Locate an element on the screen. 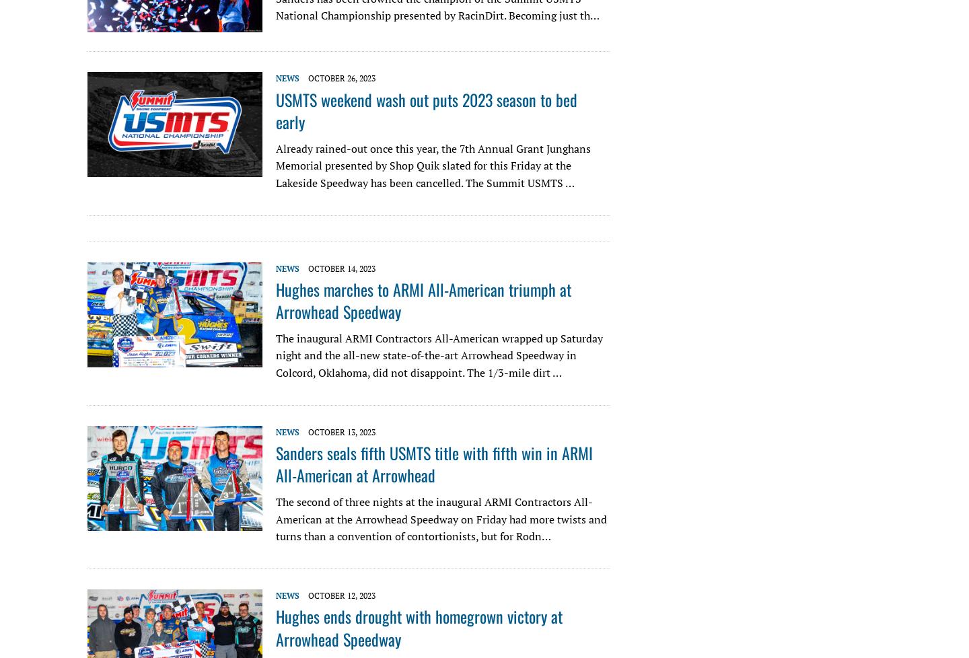 This screenshot has width=969, height=658. 'October 12, 2023' is located at coordinates (341, 594).